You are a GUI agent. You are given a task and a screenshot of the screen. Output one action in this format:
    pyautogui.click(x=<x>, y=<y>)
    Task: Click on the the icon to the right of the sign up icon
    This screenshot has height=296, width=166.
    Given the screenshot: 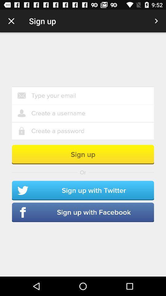 What is the action you would take?
    pyautogui.click(x=156, y=21)
    